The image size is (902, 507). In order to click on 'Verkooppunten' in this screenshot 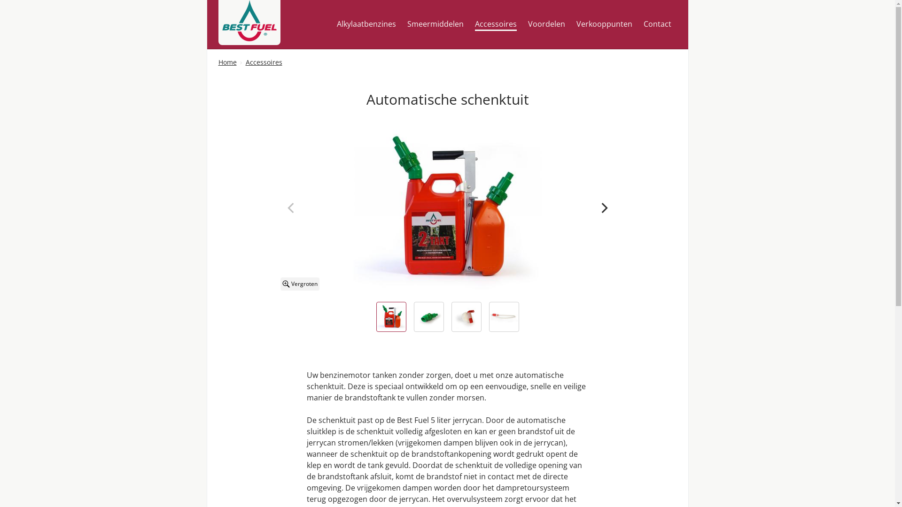, I will do `click(604, 23)`.